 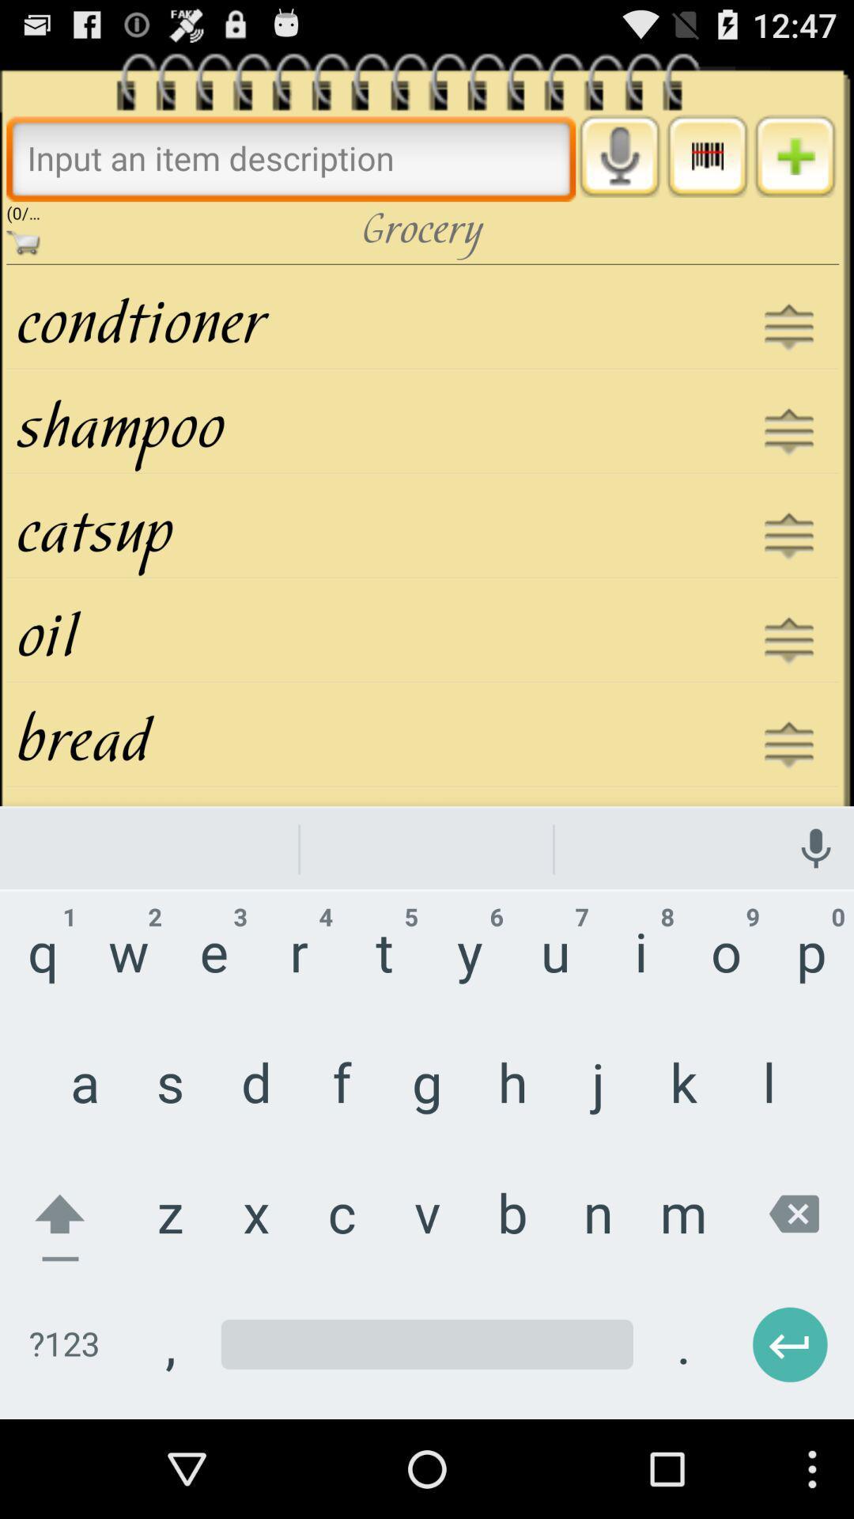 What do you see at coordinates (618, 156) in the screenshot?
I see `mic button` at bounding box center [618, 156].